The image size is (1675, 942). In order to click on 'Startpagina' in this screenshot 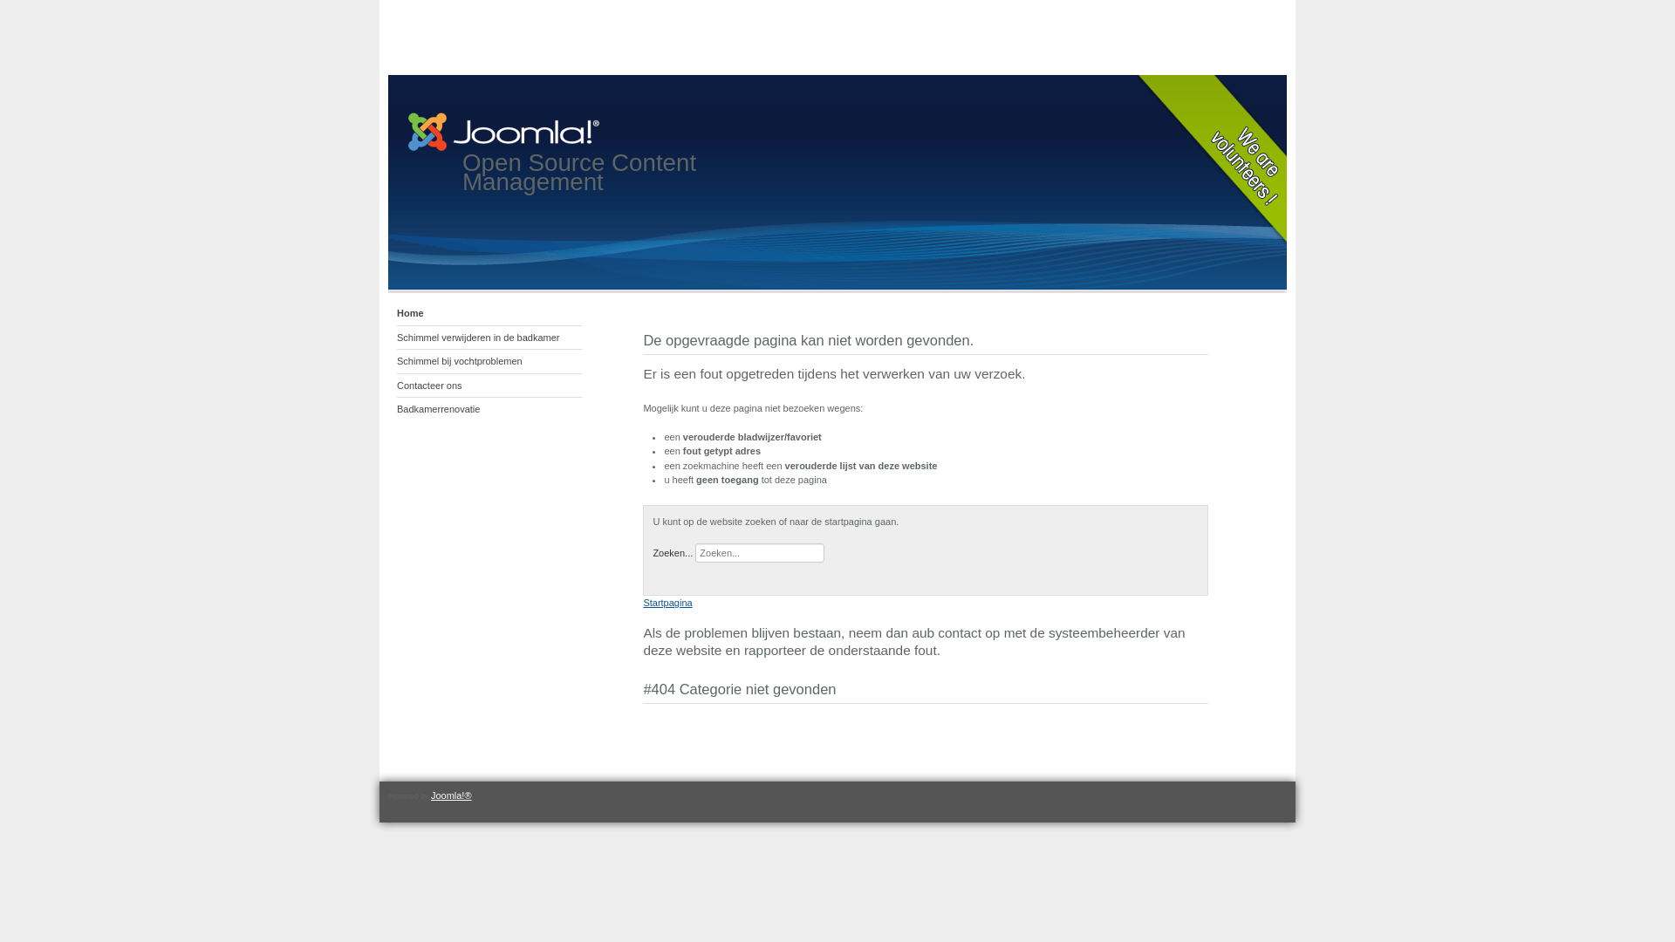, I will do `click(642, 601)`.